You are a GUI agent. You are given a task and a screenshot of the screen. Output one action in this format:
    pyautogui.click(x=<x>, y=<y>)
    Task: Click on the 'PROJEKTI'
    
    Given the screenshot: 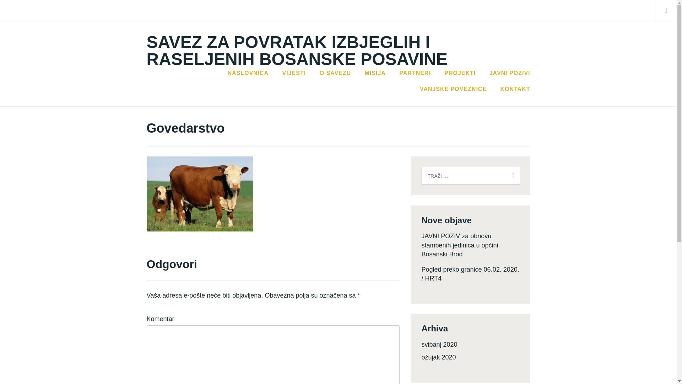 What is the action you would take?
    pyautogui.click(x=460, y=73)
    